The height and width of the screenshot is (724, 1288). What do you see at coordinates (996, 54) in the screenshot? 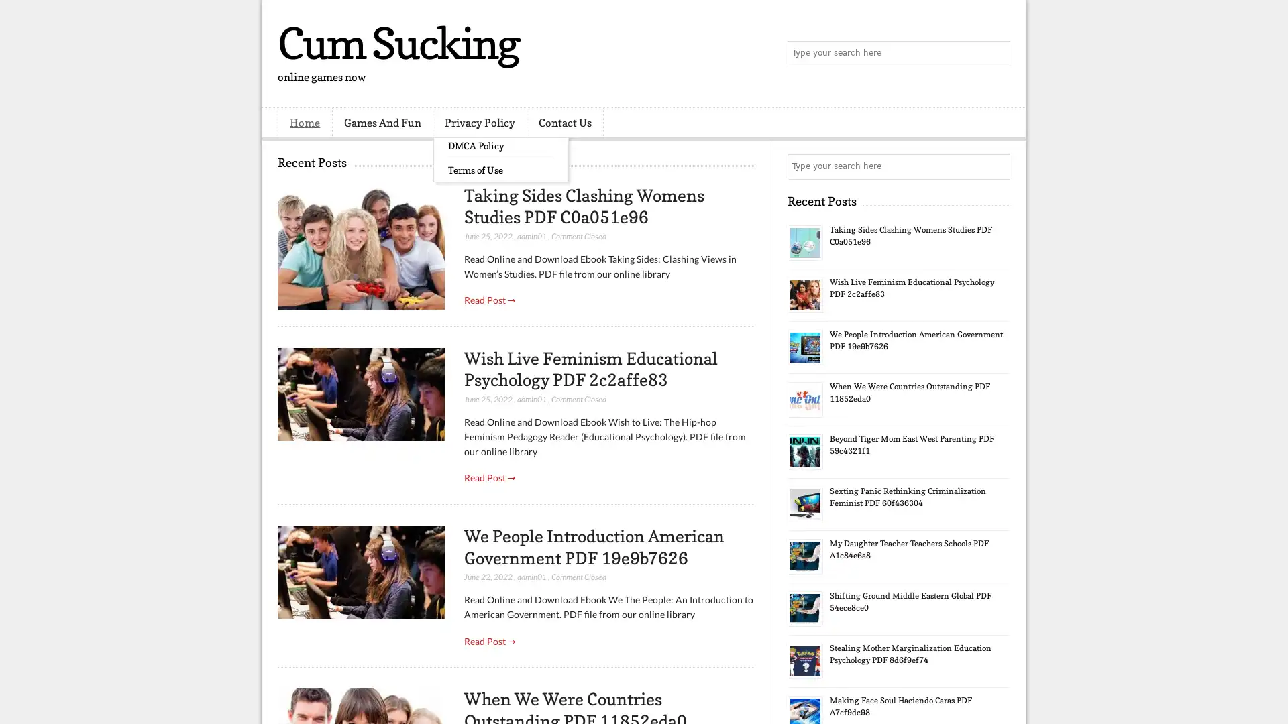
I see `Search` at bounding box center [996, 54].